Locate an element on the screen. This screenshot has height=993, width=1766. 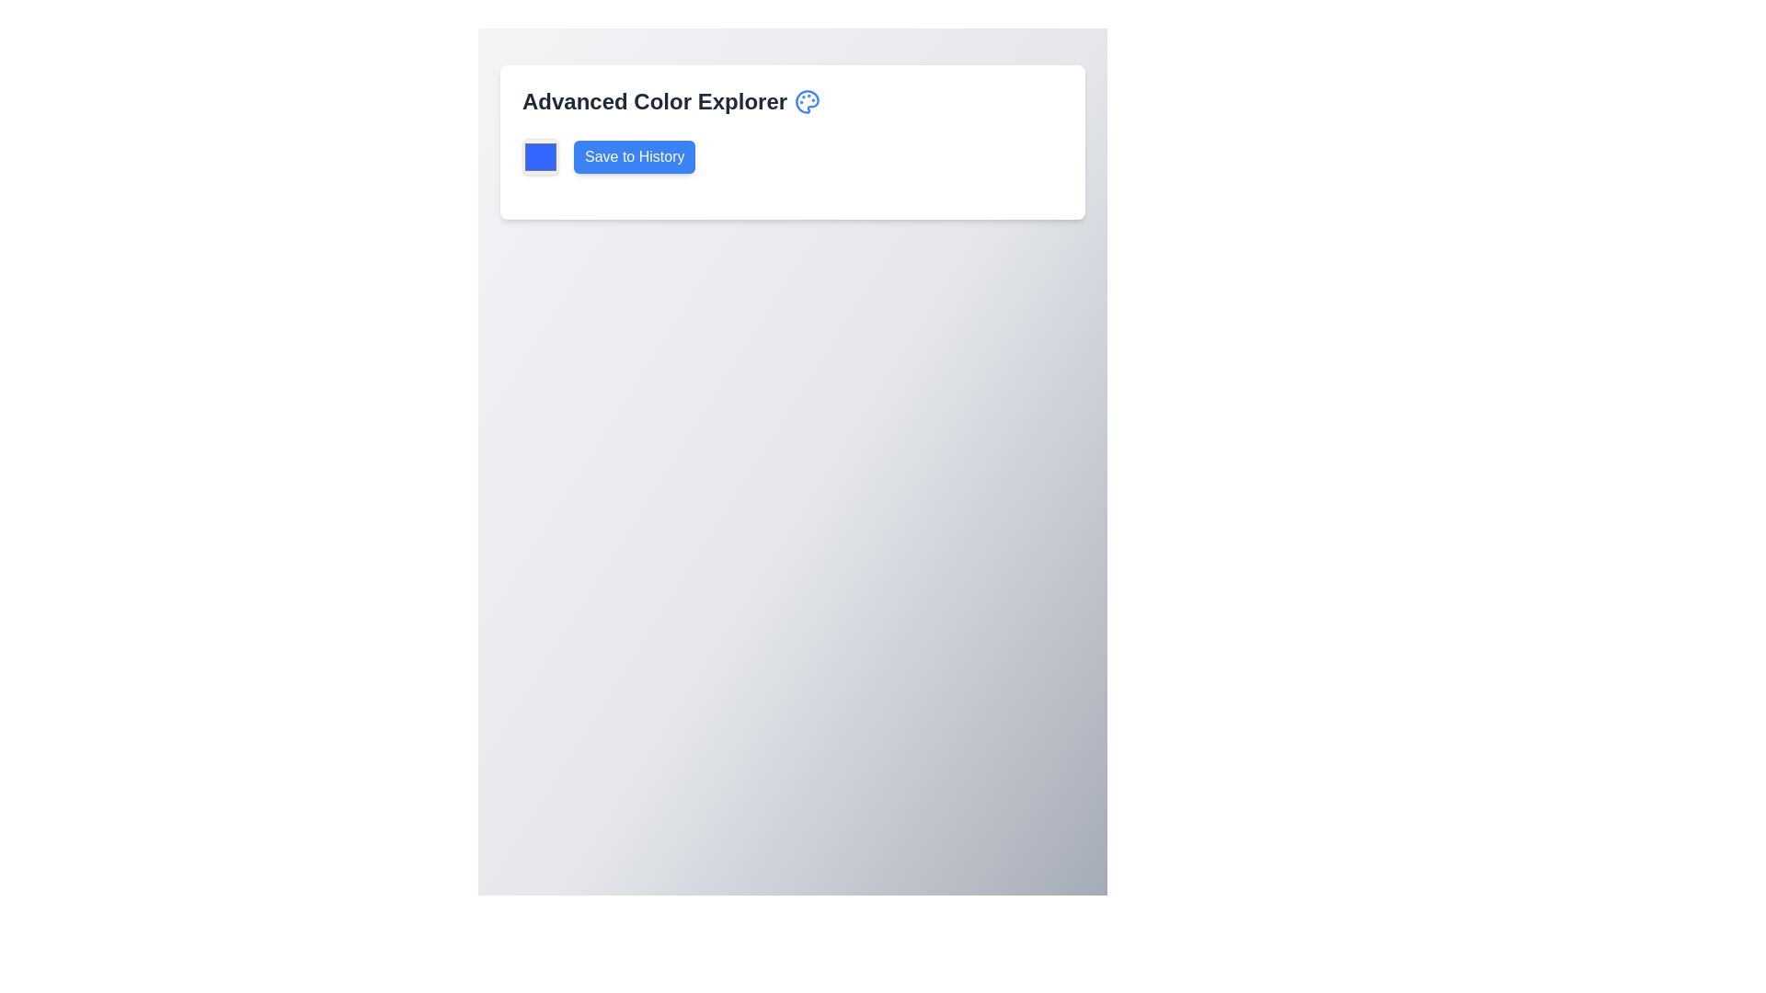
the blue button labeled 'Save to History' is located at coordinates (635, 155).